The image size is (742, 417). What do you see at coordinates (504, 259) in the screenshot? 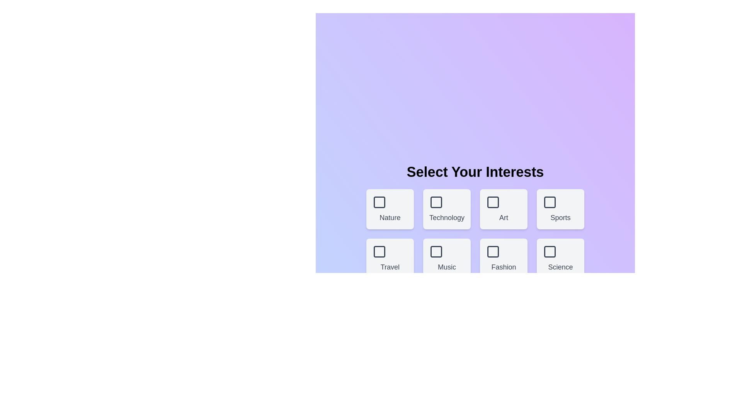
I see `the theme box labeled Fashion` at bounding box center [504, 259].